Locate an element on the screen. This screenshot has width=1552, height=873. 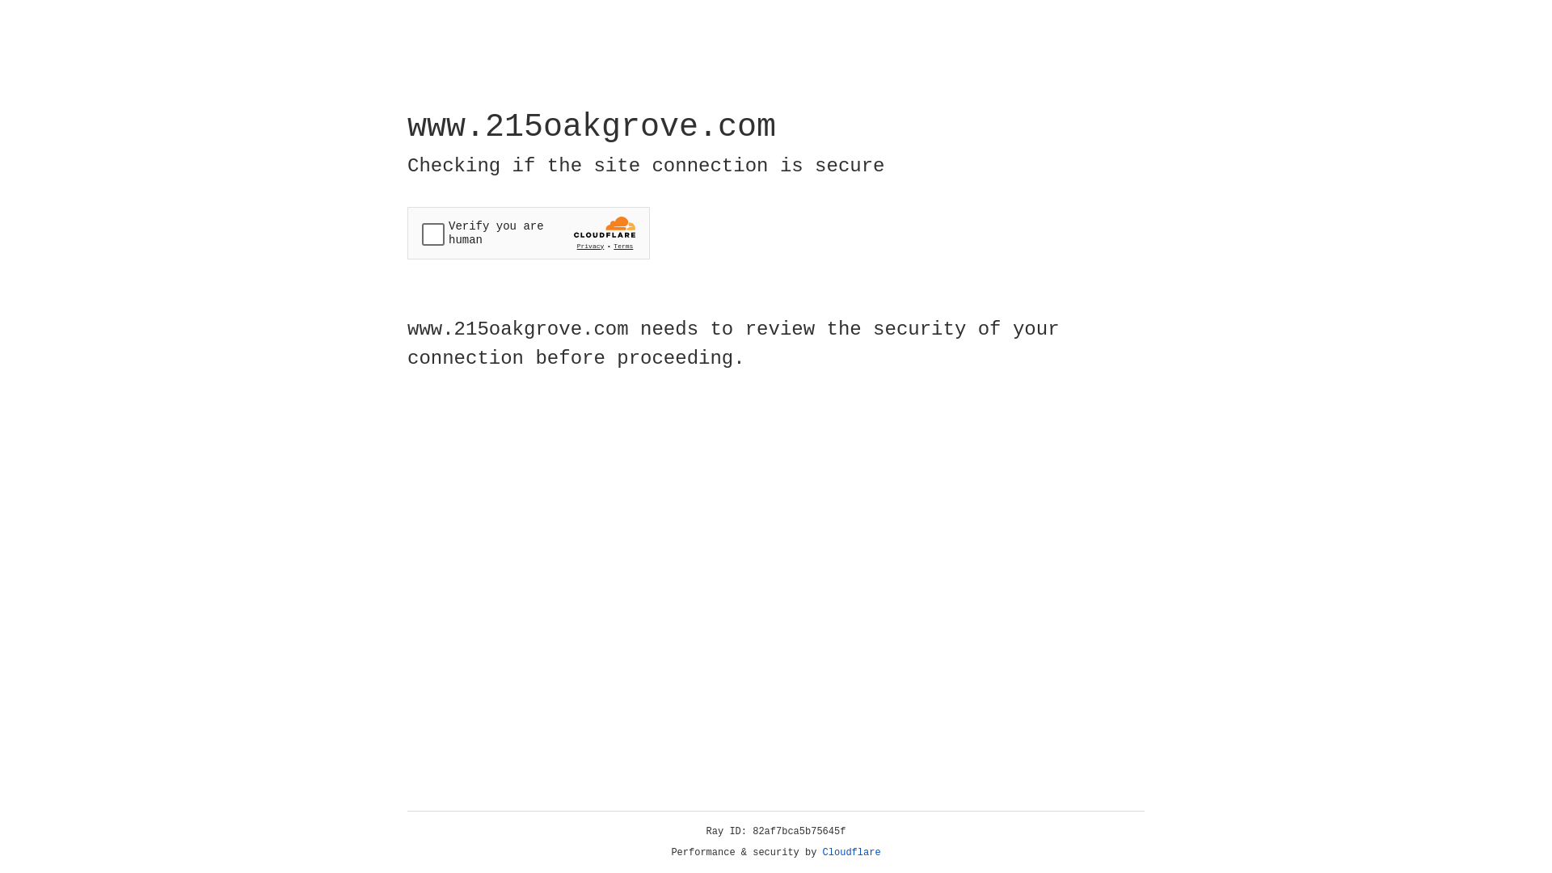
'Cloudflare' is located at coordinates (851, 852).